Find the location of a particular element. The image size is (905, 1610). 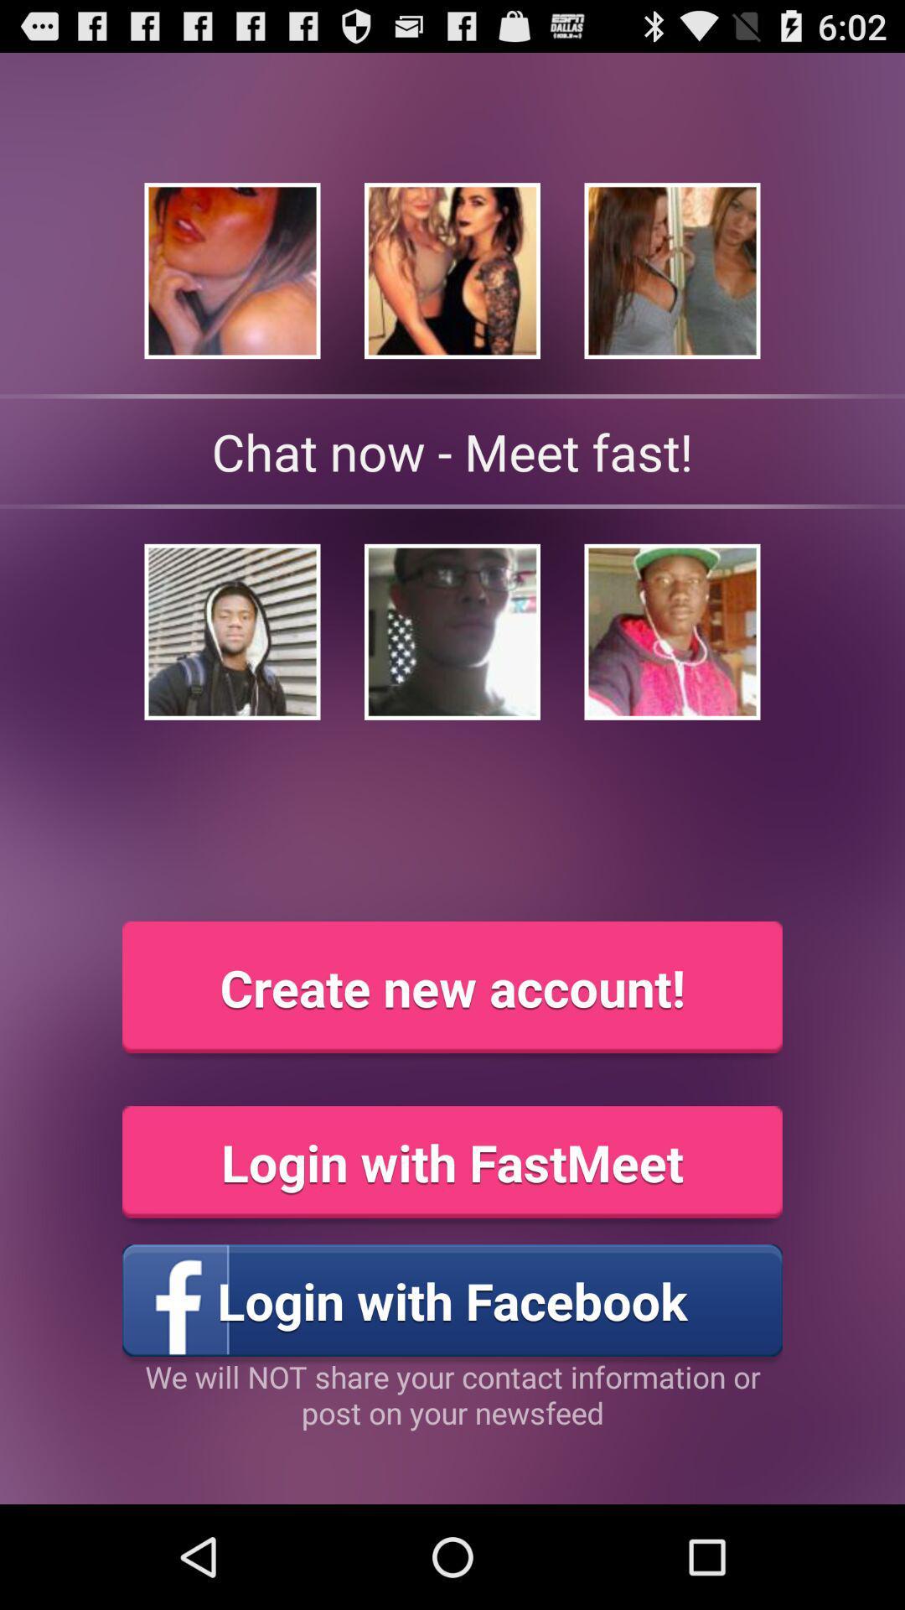

the item above the login with fastmeet icon is located at coordinates (452, 987).